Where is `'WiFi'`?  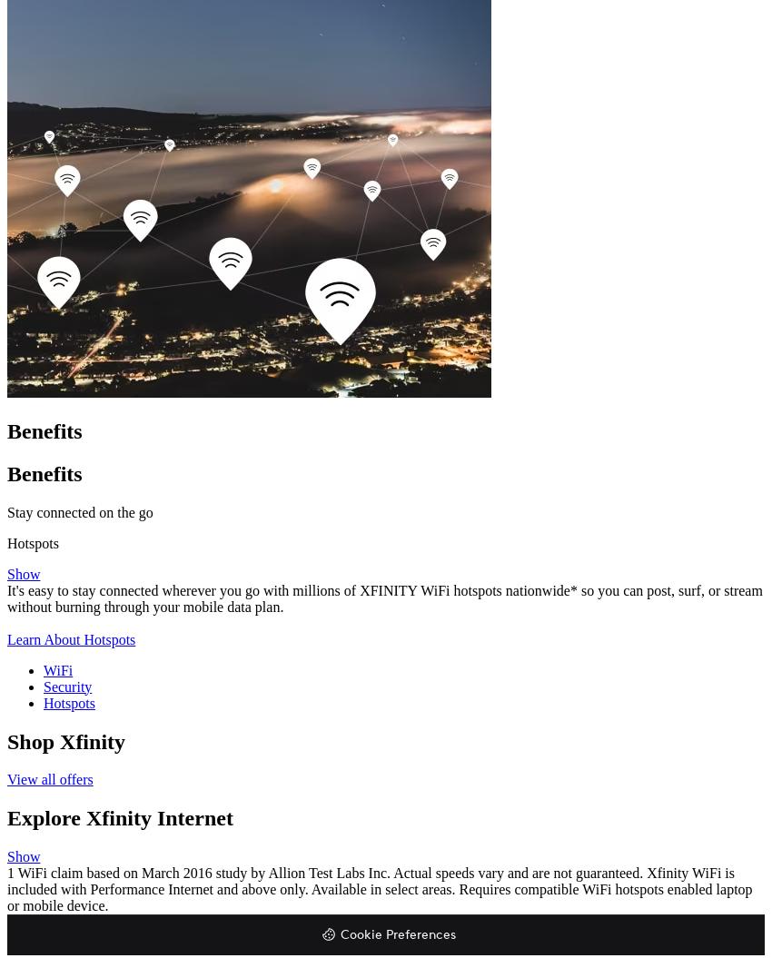
'WiFi' is located at coordinates (58, 669).